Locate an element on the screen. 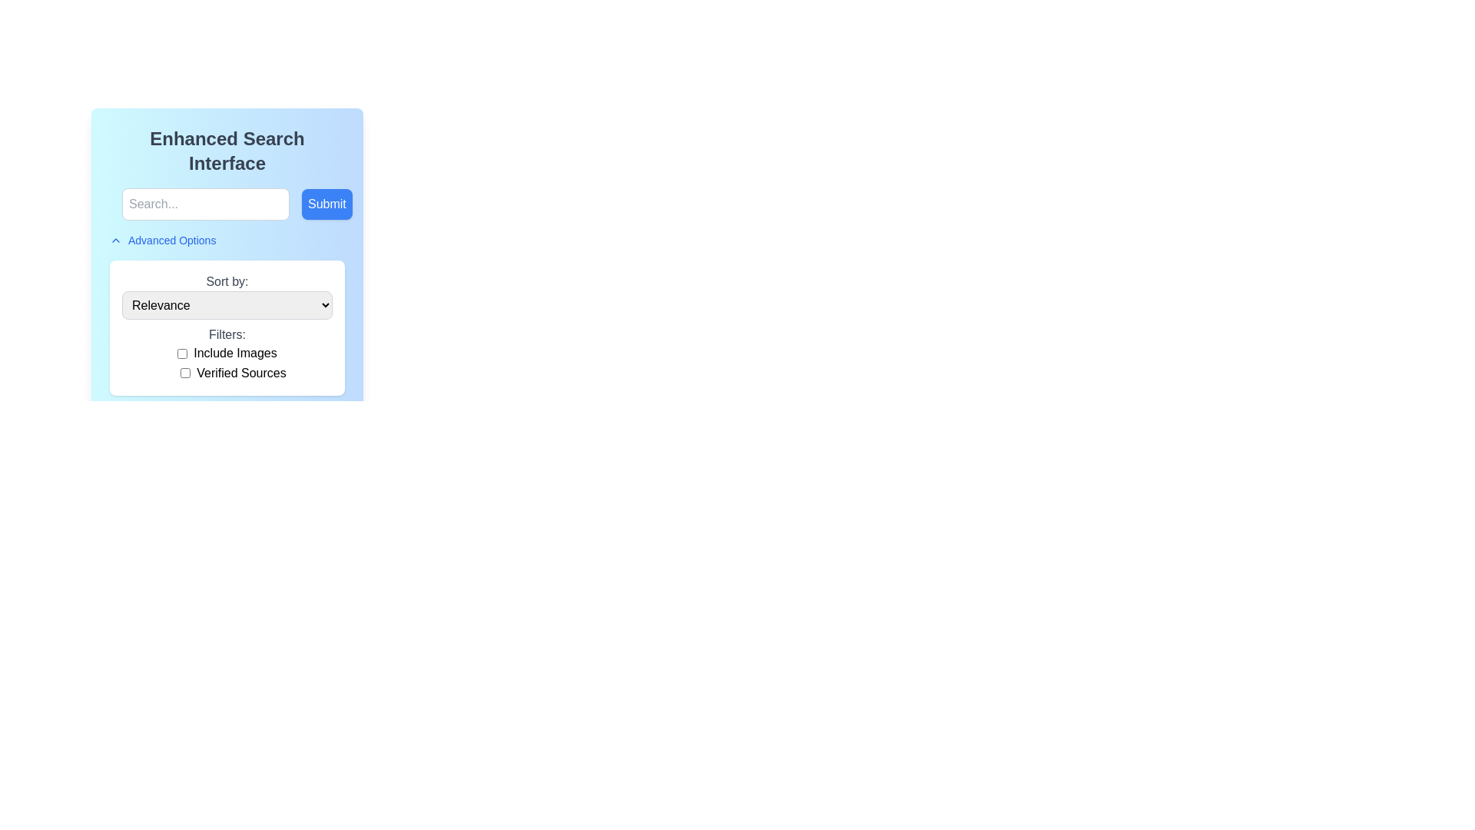  the interactive hyperlink with an adjacent chevron icon located below the search bar and to the left of the 'Submit' button is located at coordinates (163, 240).